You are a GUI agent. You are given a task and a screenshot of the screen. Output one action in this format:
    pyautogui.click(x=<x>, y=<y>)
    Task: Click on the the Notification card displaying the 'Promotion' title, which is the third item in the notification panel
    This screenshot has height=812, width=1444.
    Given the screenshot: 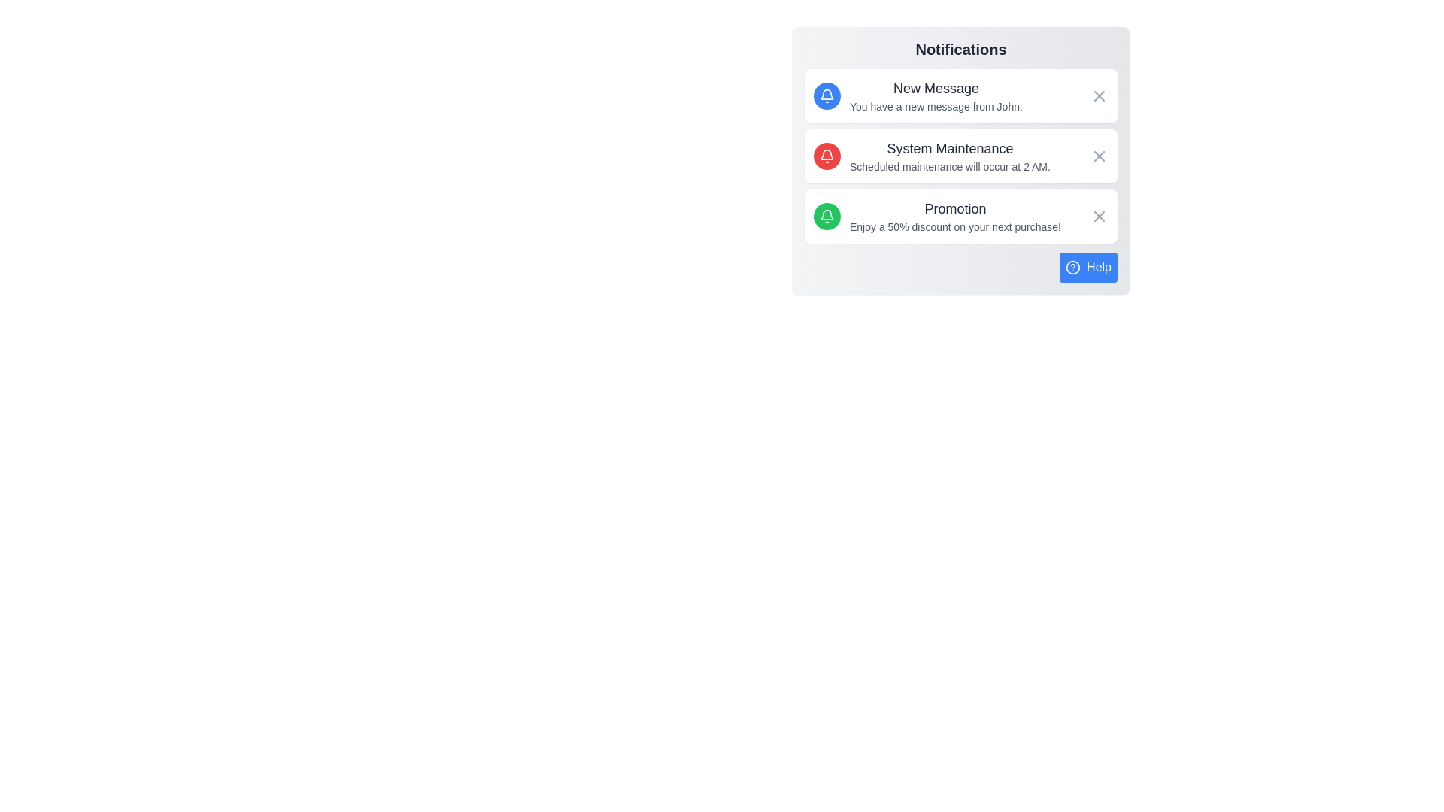 What is the action you would take?
    pyautogui.click(x=960, y=217)
    